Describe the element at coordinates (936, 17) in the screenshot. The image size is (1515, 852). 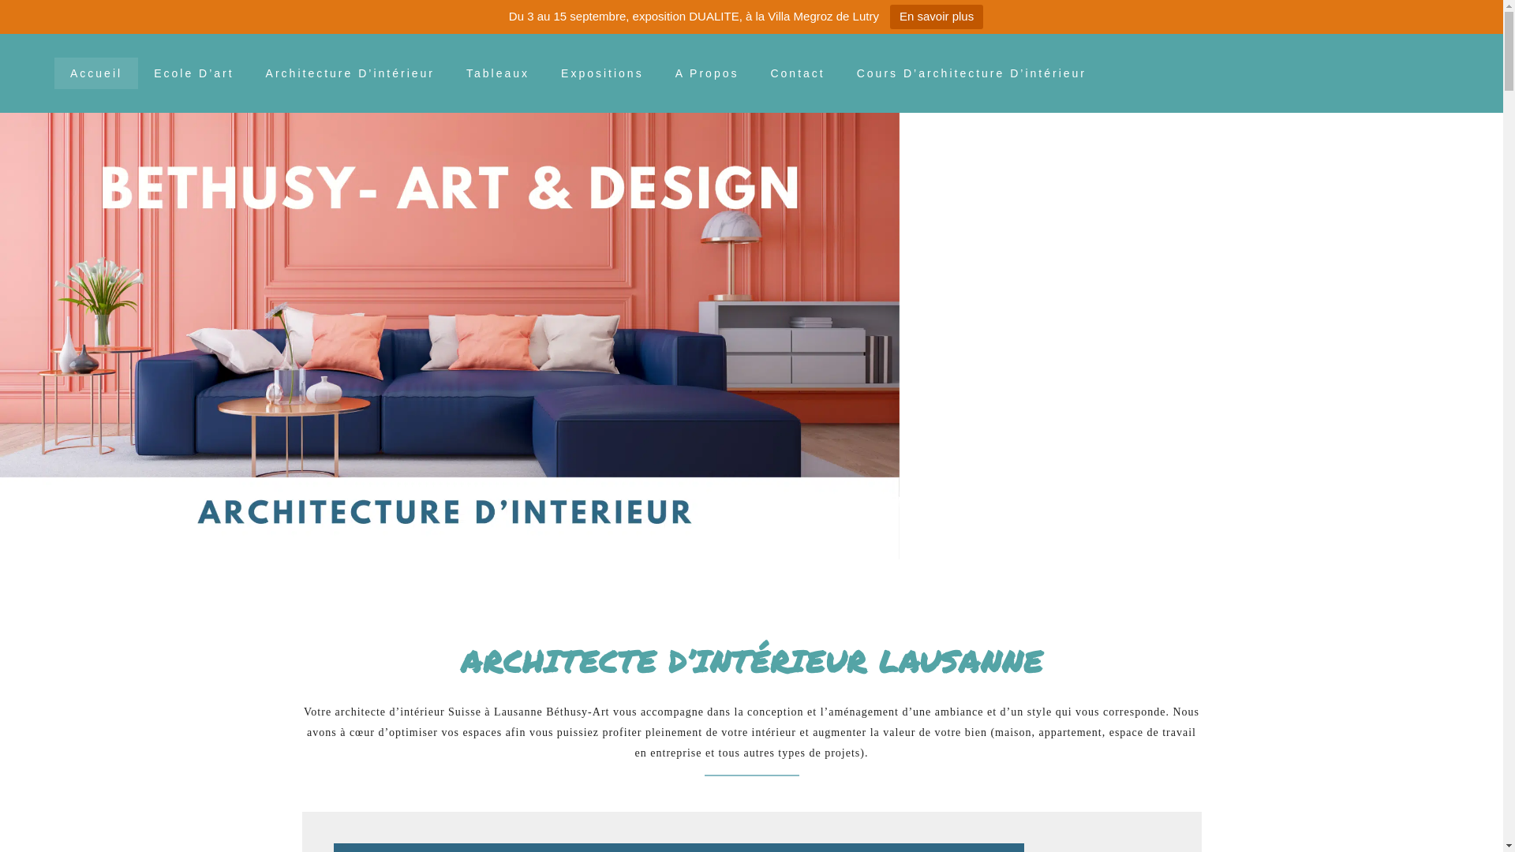
I see `'En savoir plus'` at that location.